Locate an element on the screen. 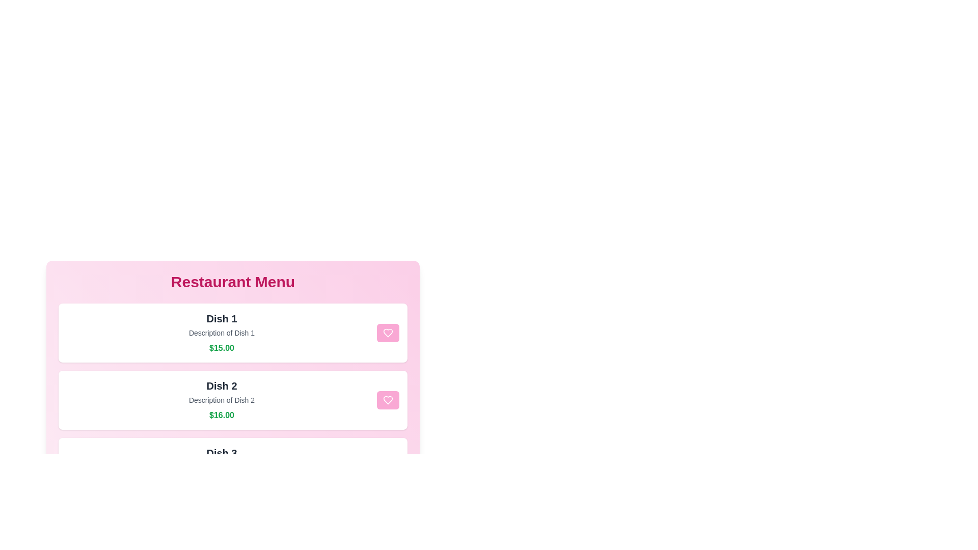 The height and width of the screenshot is (550, 978). title text label of the dish card located at the top of the card, above the description and price is located at coordinates (221, 318).